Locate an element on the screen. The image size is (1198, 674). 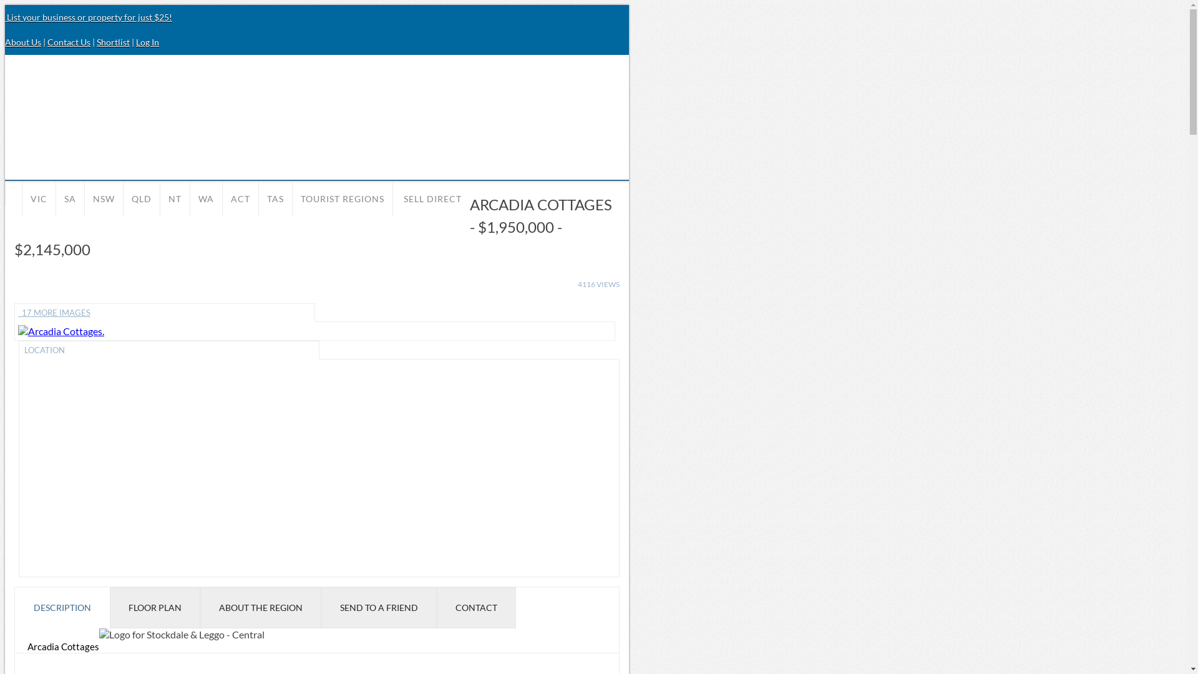
'Logo for Stockdale & Leggo - Central' is located at coordinates (181, 634).